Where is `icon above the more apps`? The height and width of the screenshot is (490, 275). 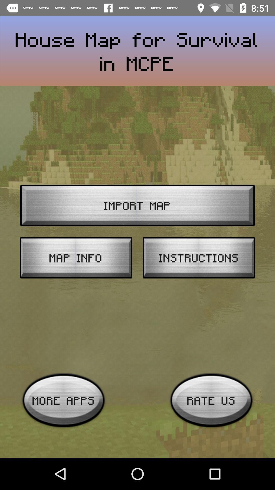
icon above the more apps is located at coordinates (76, 258).